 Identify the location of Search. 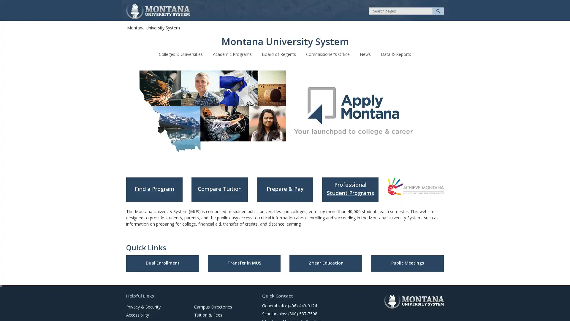
(438, 11).